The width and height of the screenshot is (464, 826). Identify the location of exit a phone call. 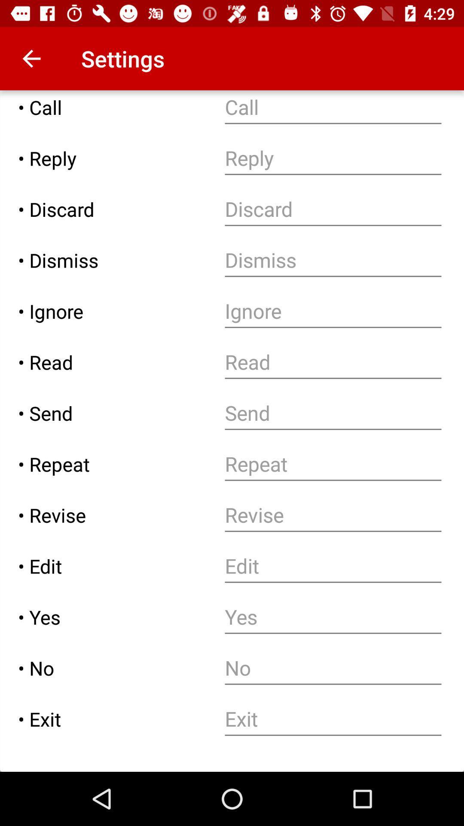
(333, 719).